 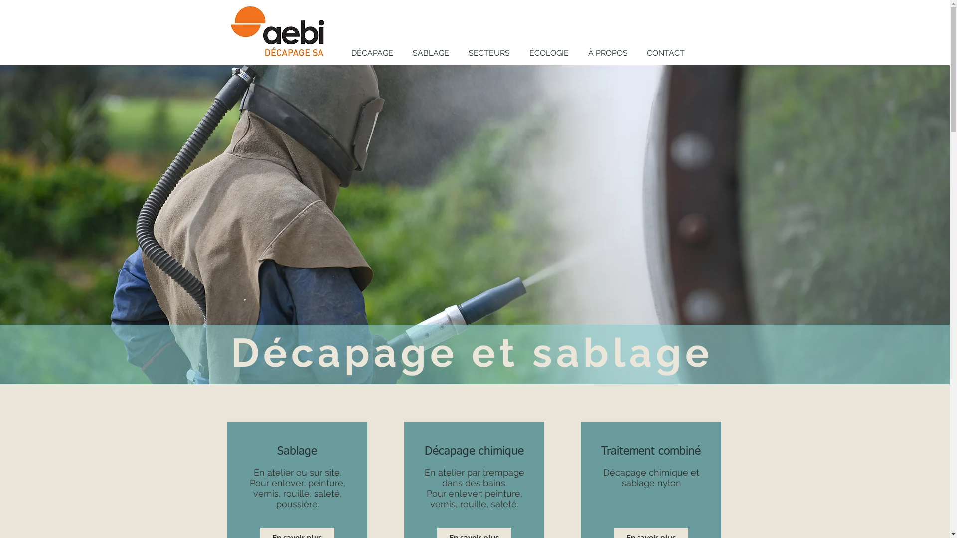 I want to click on 'CONTACT', so click(x=665, y=53).